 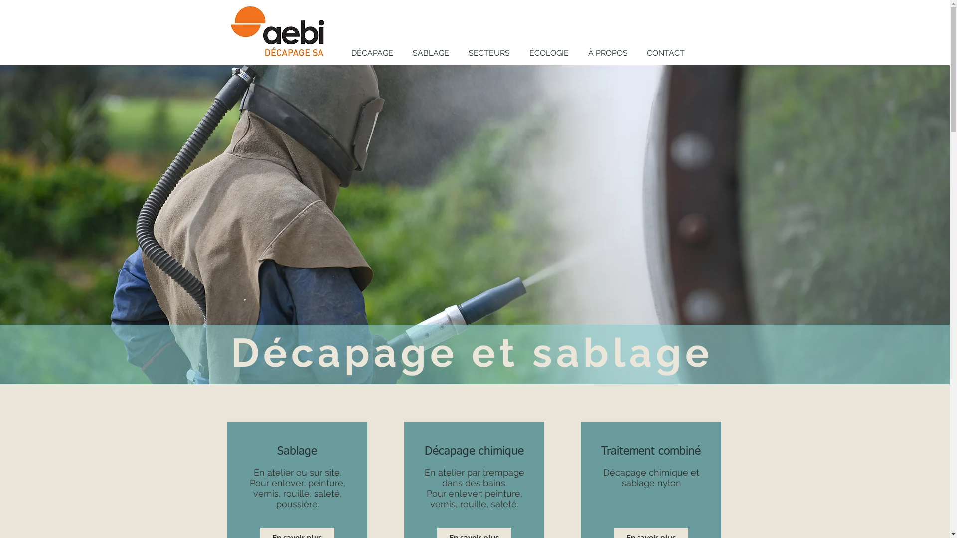 I want to click on 'CONTACT', so click(x=665, y=53).